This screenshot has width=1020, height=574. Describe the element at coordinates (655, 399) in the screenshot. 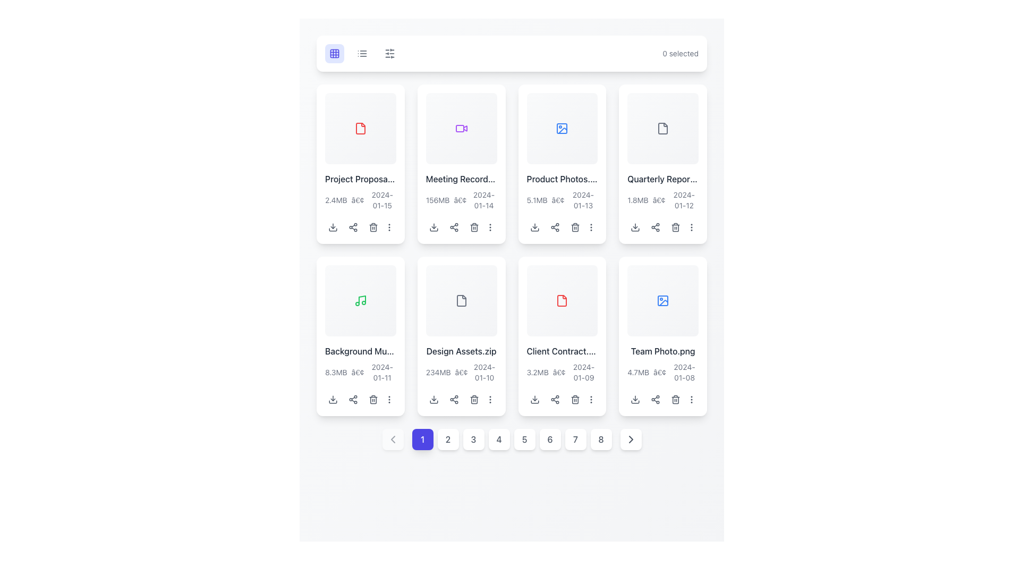

I see `the share button, which is a small icon resembling a share symbol, located at the bottom section of the 'Team Photo.png' card in the far-right position of the last row of the grid layout` at that location.